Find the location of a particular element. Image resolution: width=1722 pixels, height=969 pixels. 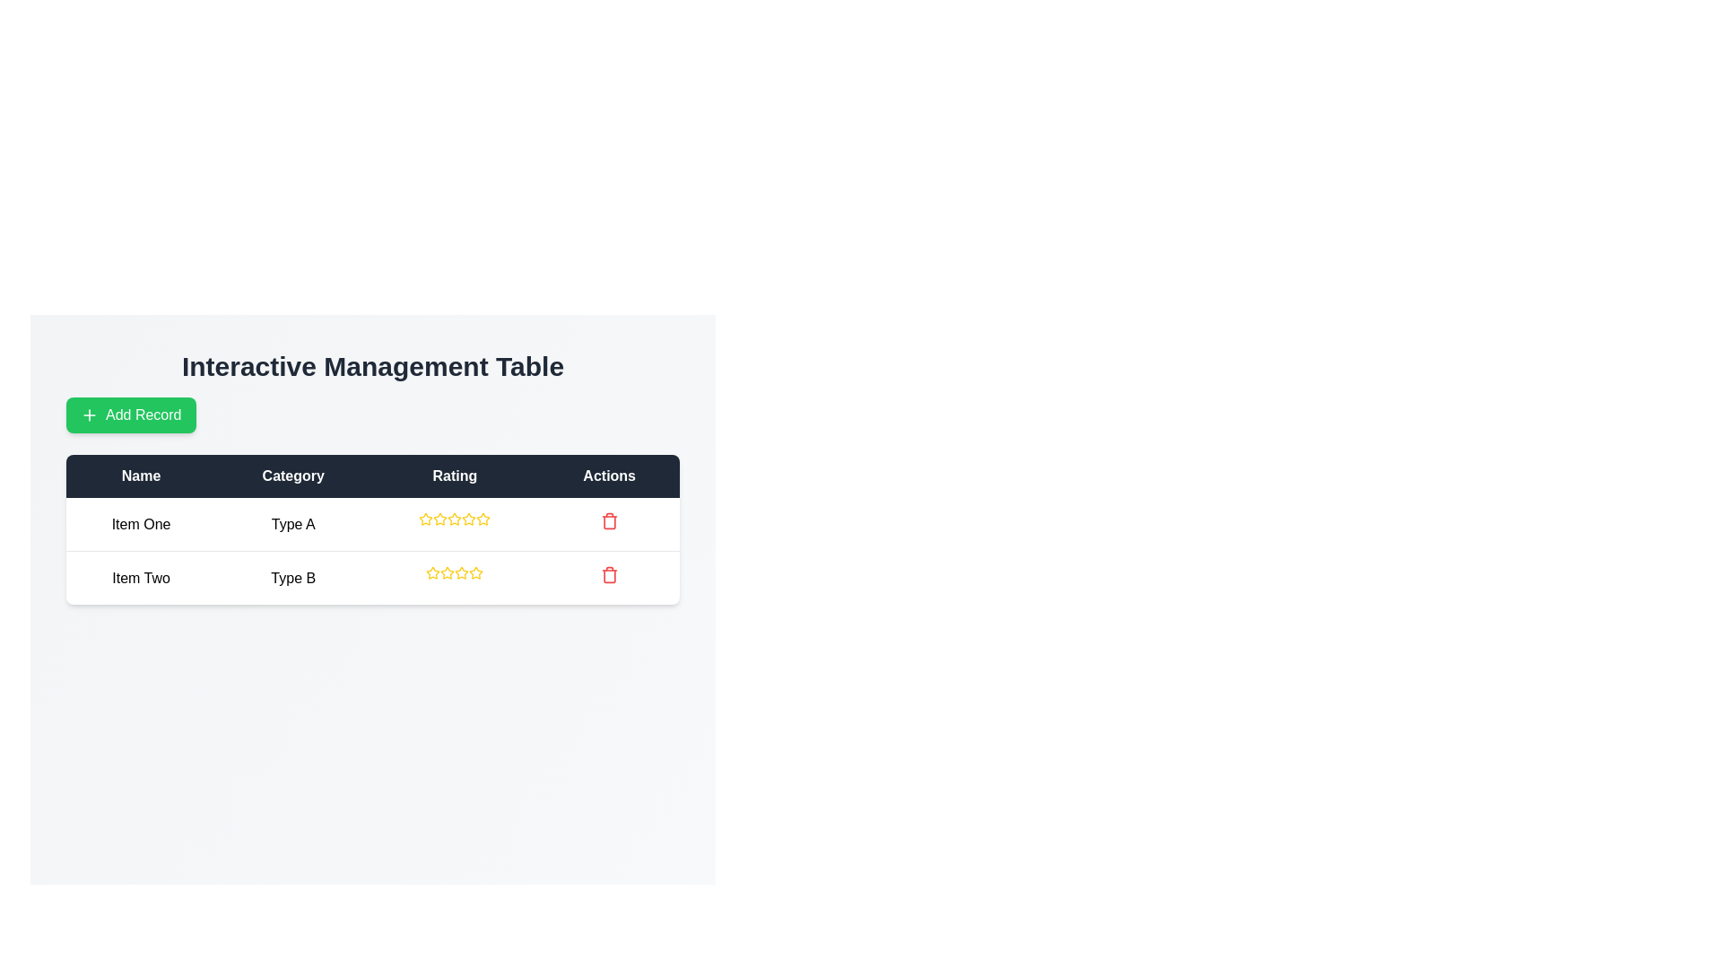

the fourth star icon in the rating column for the second row, which is associated with 'Item Two' is located at coordinates (462, 573).